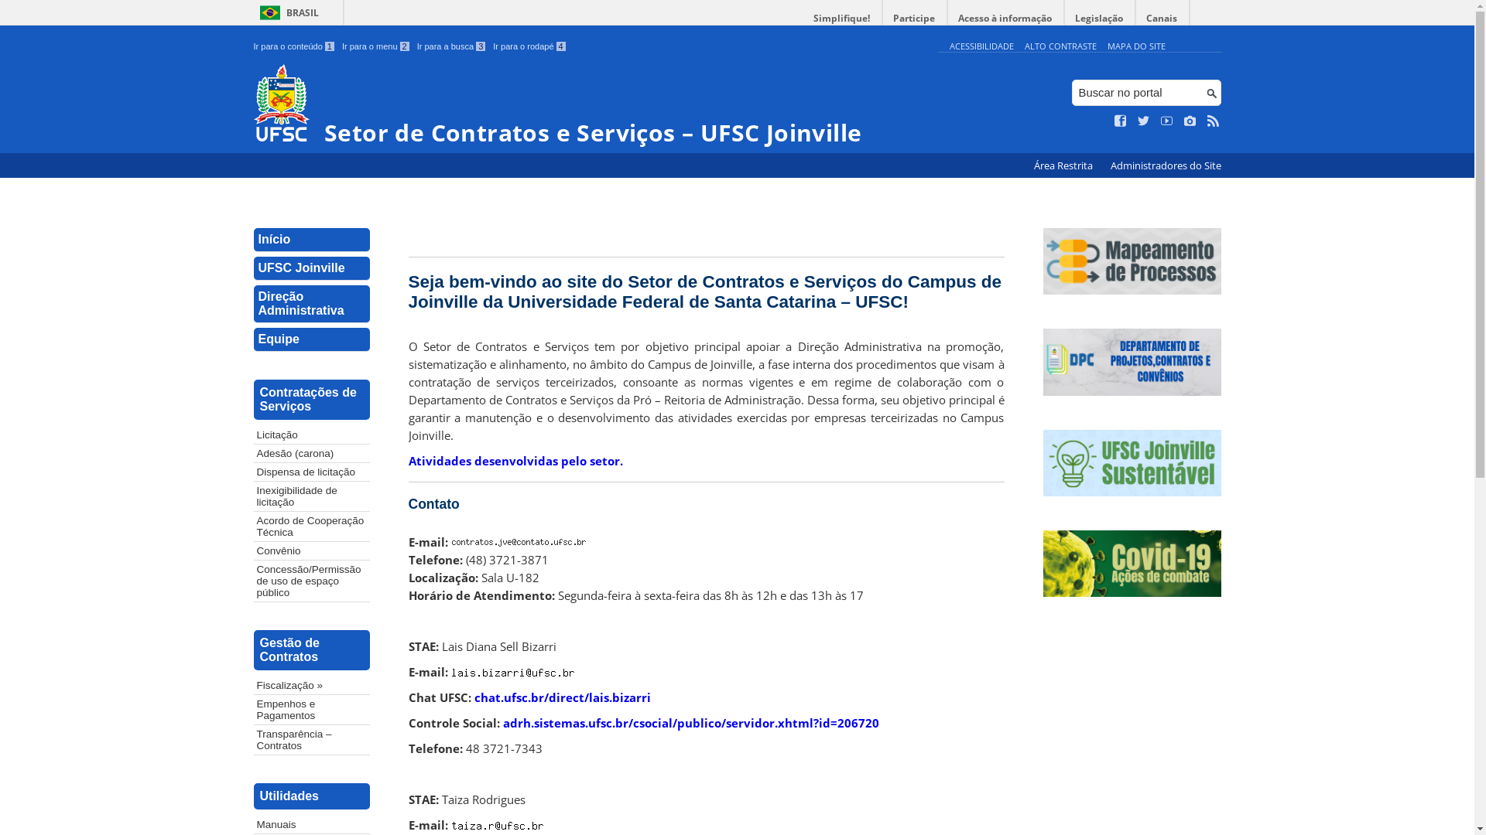 This screenshot has height=835, width=1486. Describe the element at coordinates (311, 710) in the screenshot. I see `'Empenhos e Pagamentos'` at that location.